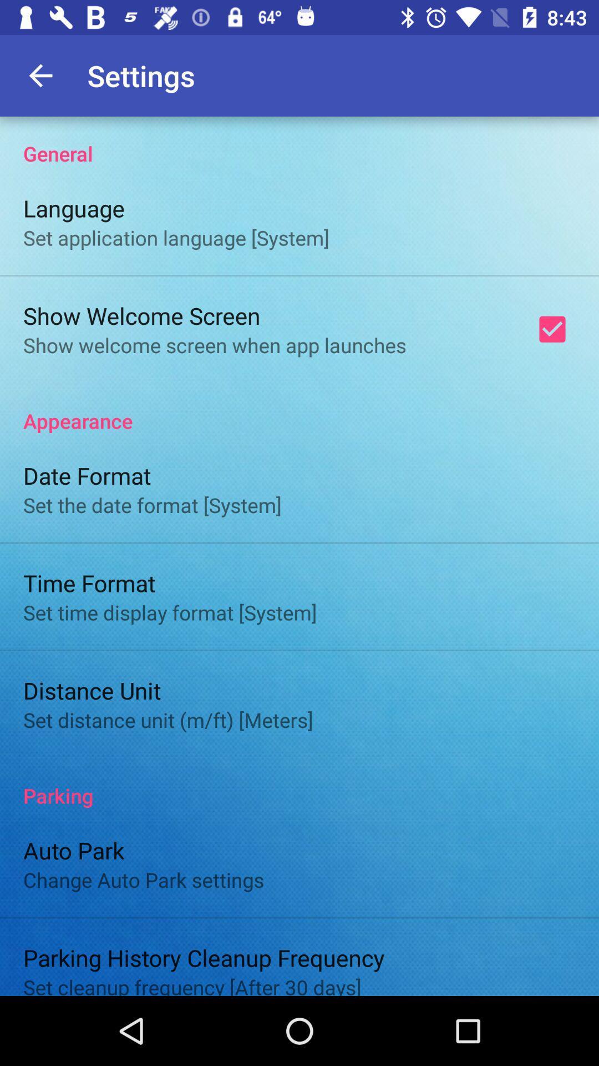 The height and width of the screenshot is (1066, 599). Describe the element at coordinates (299, 141) in the screenshot. I see `the item above the language icon` at that location.